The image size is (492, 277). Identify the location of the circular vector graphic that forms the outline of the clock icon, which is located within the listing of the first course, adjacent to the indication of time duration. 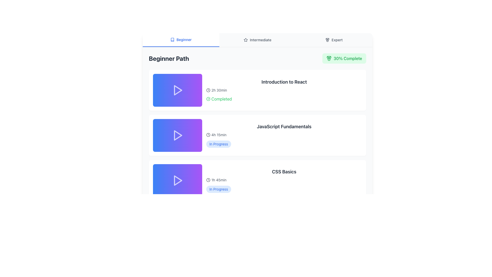
(208, 90).